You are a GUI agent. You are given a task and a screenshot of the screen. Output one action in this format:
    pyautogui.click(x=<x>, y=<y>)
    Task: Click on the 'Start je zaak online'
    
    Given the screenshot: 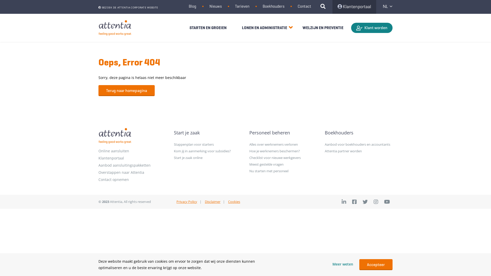 What is the action you would take?
    pyautogui.click(x=208, y=157)
    